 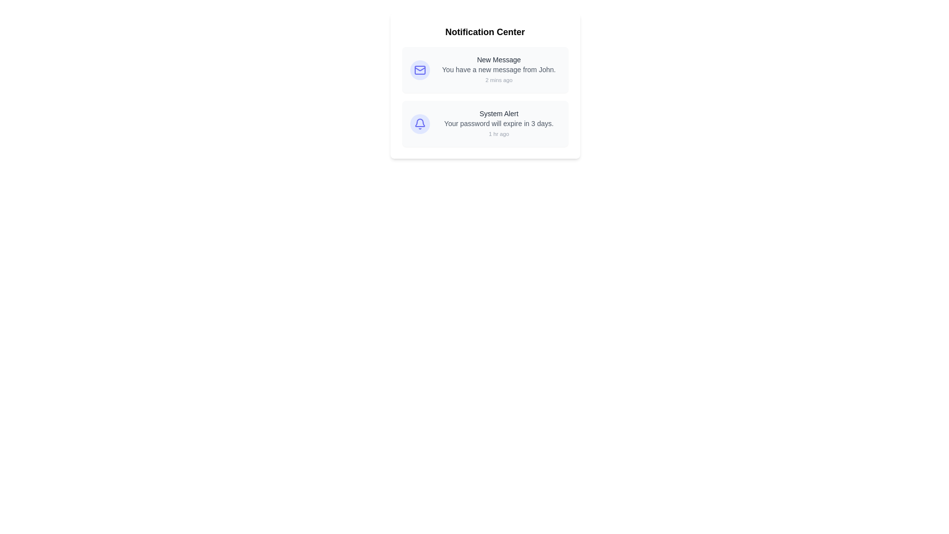 I want to click on text from the header Text Label of the notification interface, which indicates the purpose of the panel below it, so click(x=485, y=32).